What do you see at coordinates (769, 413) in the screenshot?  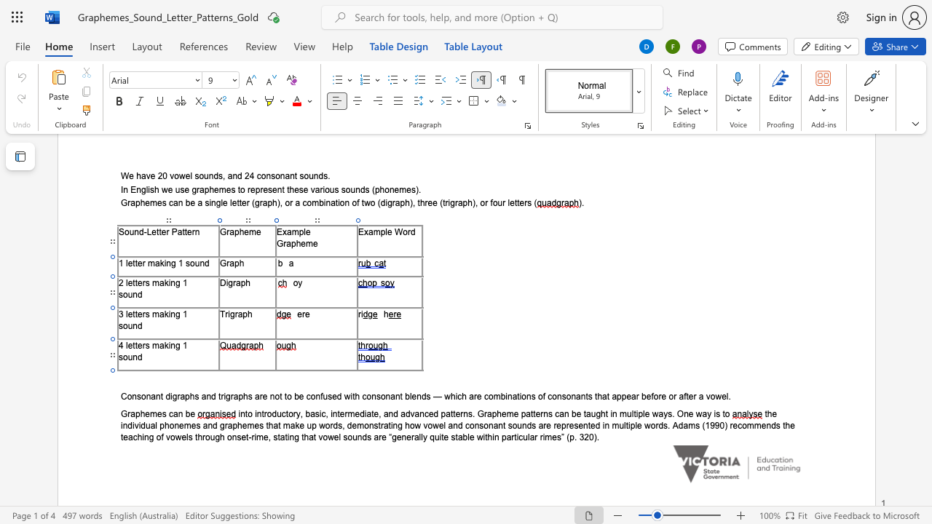 I see `the 1th character "h" in the text` at bounding box center [769, 413].